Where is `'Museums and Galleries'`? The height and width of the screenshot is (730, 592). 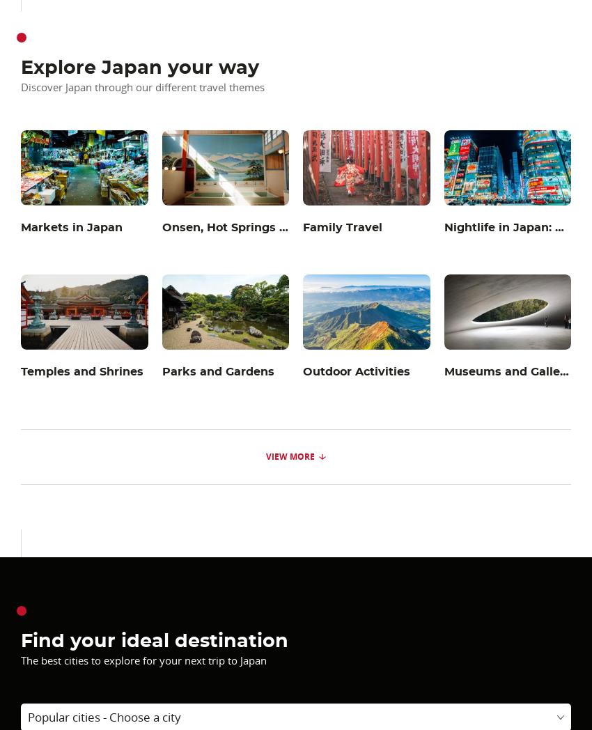
'Museums and Galleries' is located at coordinates (512, 371).